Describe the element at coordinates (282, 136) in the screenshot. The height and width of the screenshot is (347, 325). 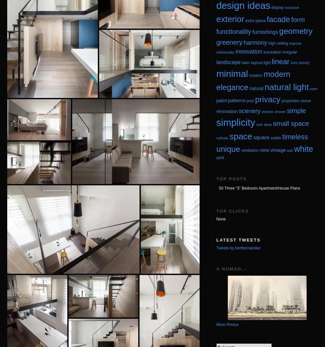
I see `'timeless'` at that location.